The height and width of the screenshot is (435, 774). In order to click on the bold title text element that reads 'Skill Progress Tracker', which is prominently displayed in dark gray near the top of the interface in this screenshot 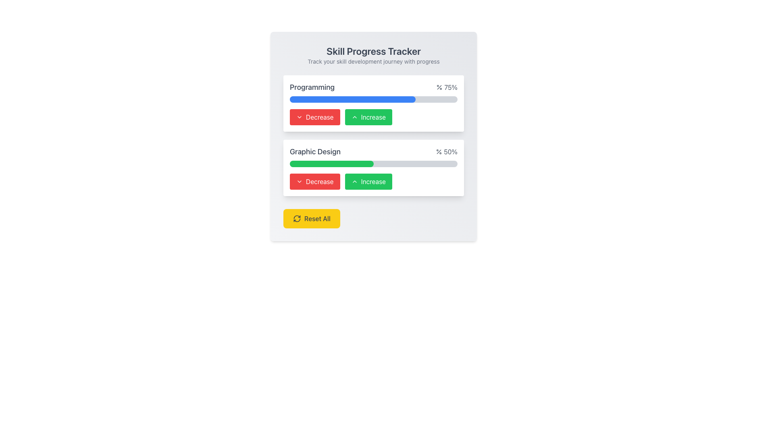, I will do `click(373, 51)`.